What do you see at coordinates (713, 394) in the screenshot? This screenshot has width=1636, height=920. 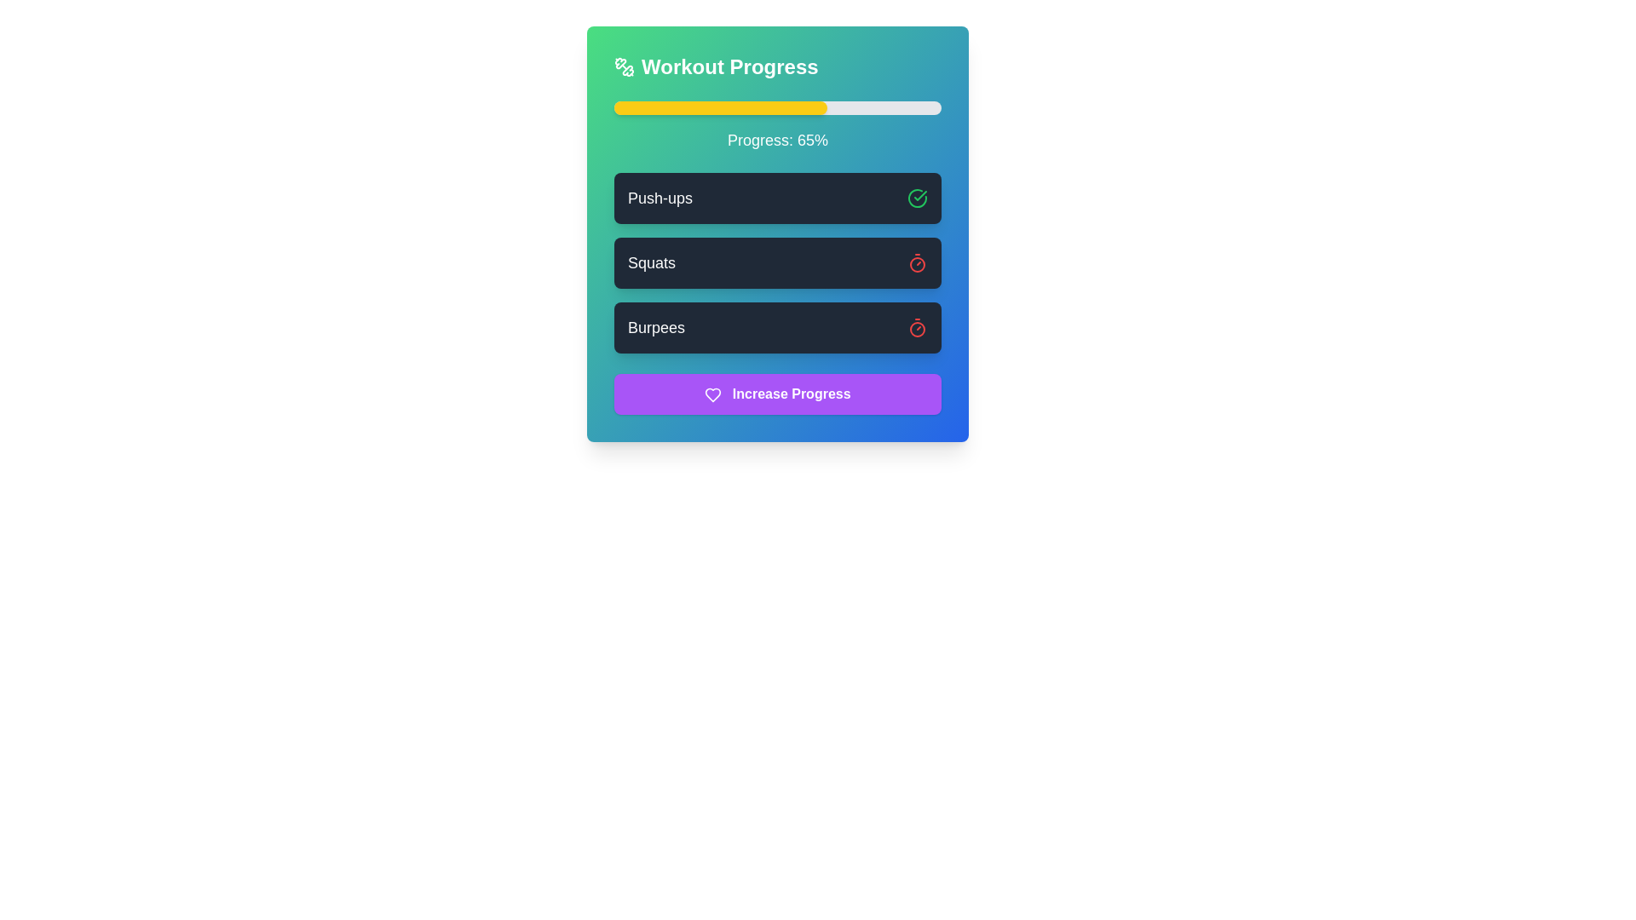 I see `the heart-shaped icon with a purple background that is part of the 'Increase Progress' button, which is located at the bottom center of a card-like component` at bounding box center [713, 394].